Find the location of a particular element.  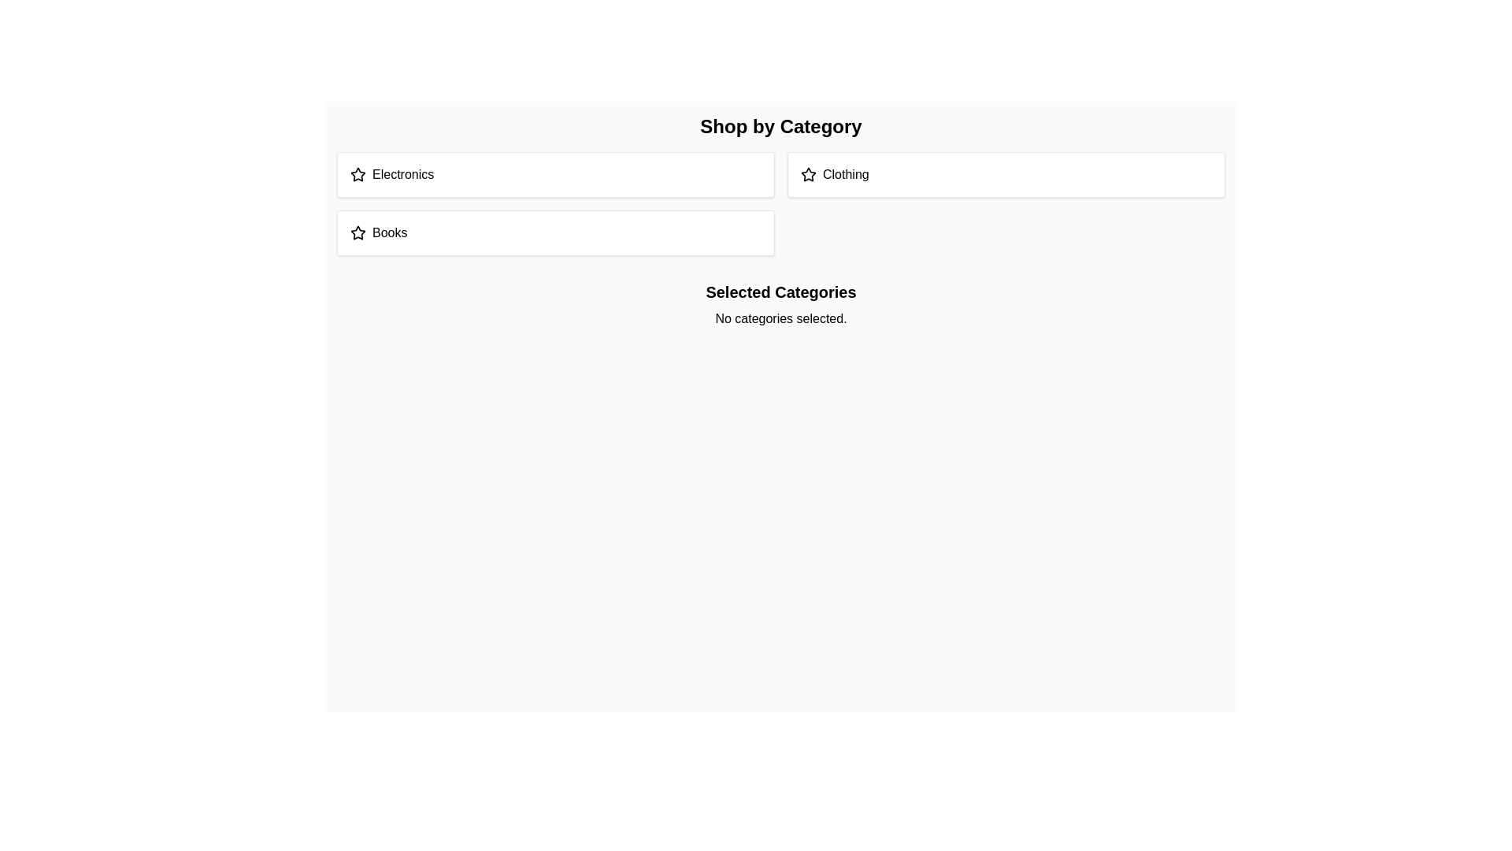

the star icon located in the 'Shop by Category' section next is located at coordinates (808, 173).